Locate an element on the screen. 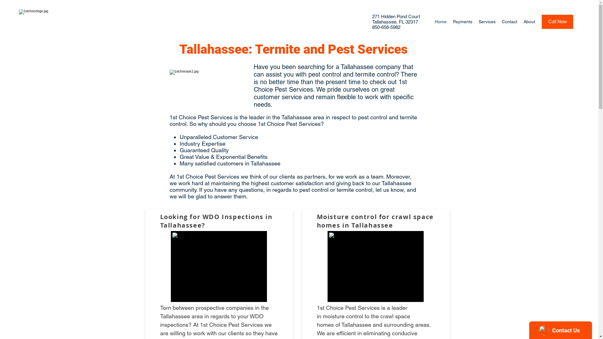 This screenshot has height=339, width=603. 'Payments' is located at coordinates (463, 21).